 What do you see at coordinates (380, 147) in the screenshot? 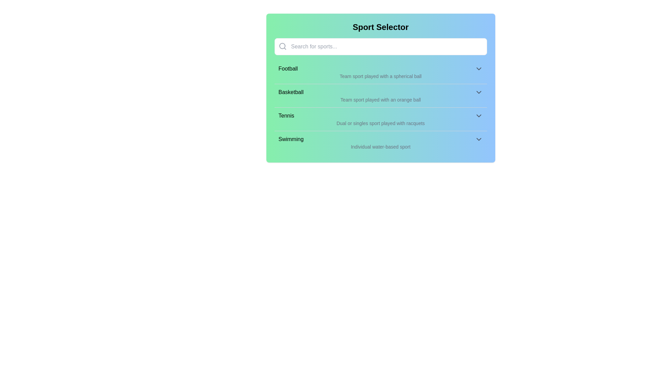
I see `the text label displaying 'Individual water-based sport' in the sport selector dropdown, located below the 'Swimming' label` at bounding box center [380, 147].